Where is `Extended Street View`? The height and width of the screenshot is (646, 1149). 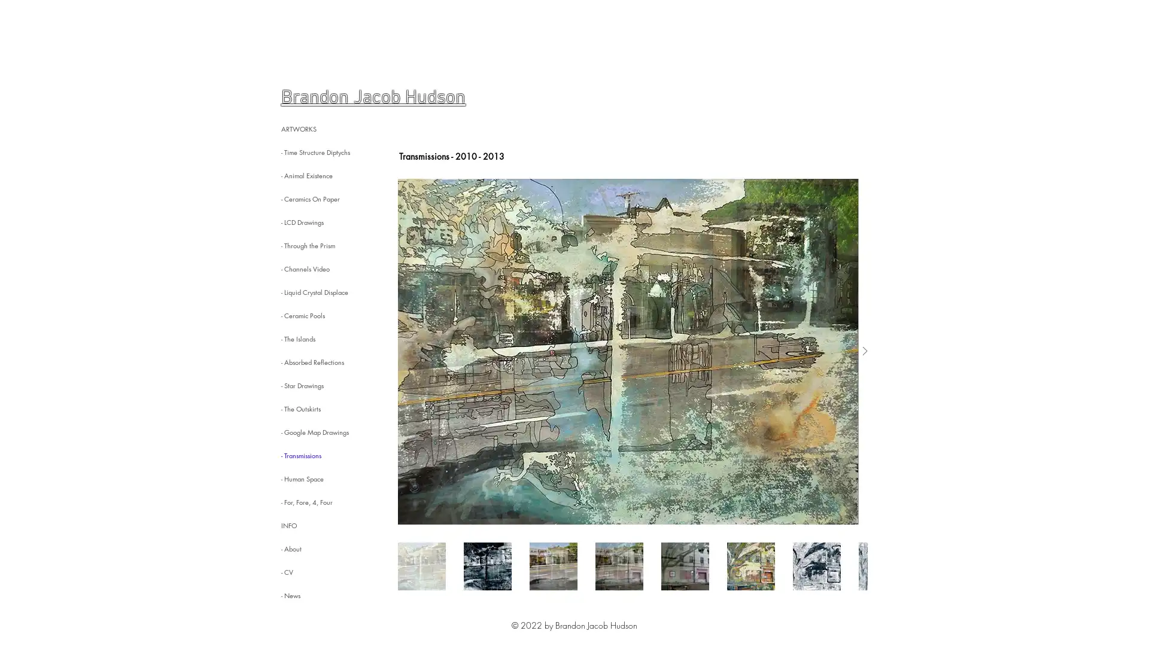 Extended Street View is located at coordinates (628, 351).